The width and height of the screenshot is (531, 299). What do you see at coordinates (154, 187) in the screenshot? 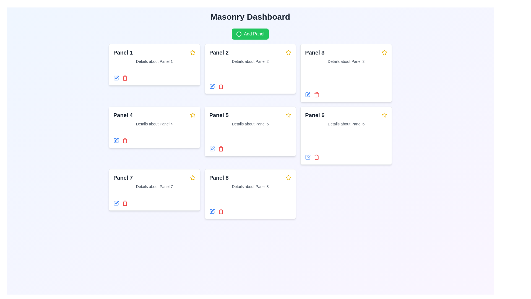
I see `the text label element that reads 'Details about Panel 7', which is styled in light gray and is located beneath the title 'Panel 7' within the 'Masonry Dashboard'` at bounding box center [154, 187].